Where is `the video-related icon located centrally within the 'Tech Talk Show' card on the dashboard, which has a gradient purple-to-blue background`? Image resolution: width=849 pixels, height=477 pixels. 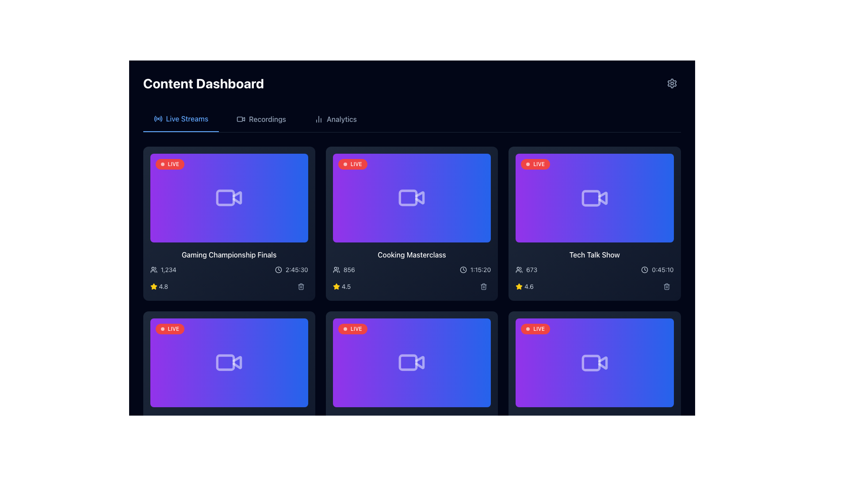
the video-related icon located centrally within the 'Tech Talk Show' card on the dashboard, which has a gradient purple-to-blue background is located at coordinates (594, 197).